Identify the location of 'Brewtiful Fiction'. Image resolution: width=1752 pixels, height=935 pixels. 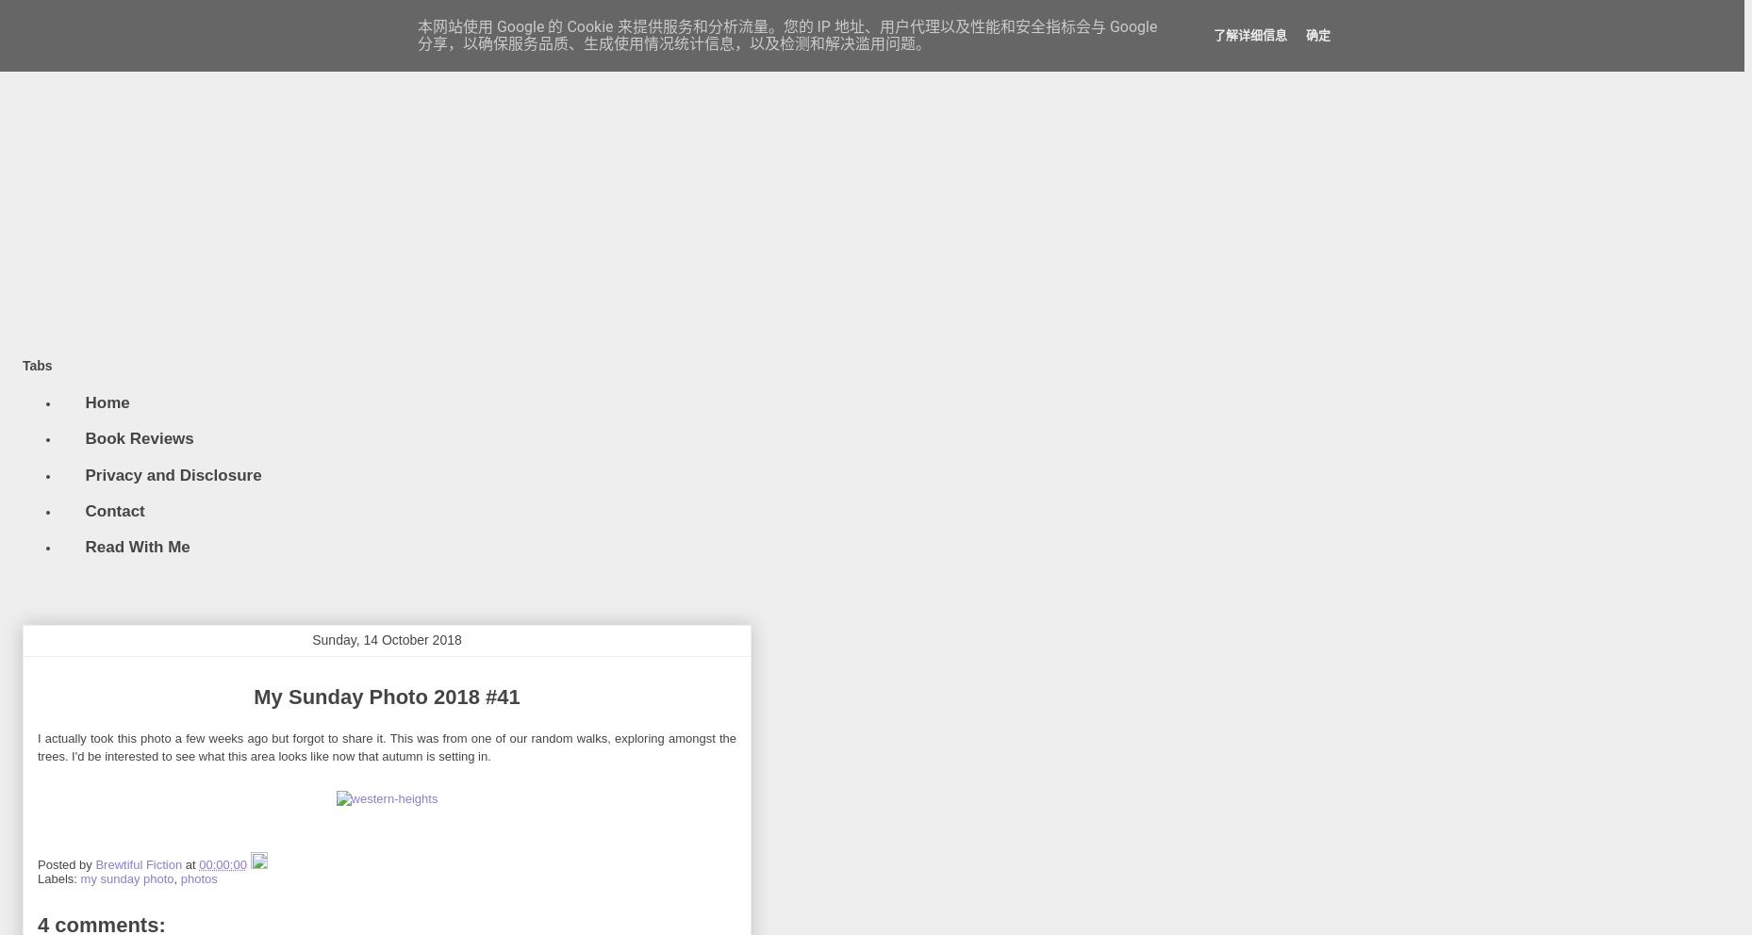
(95, 862).